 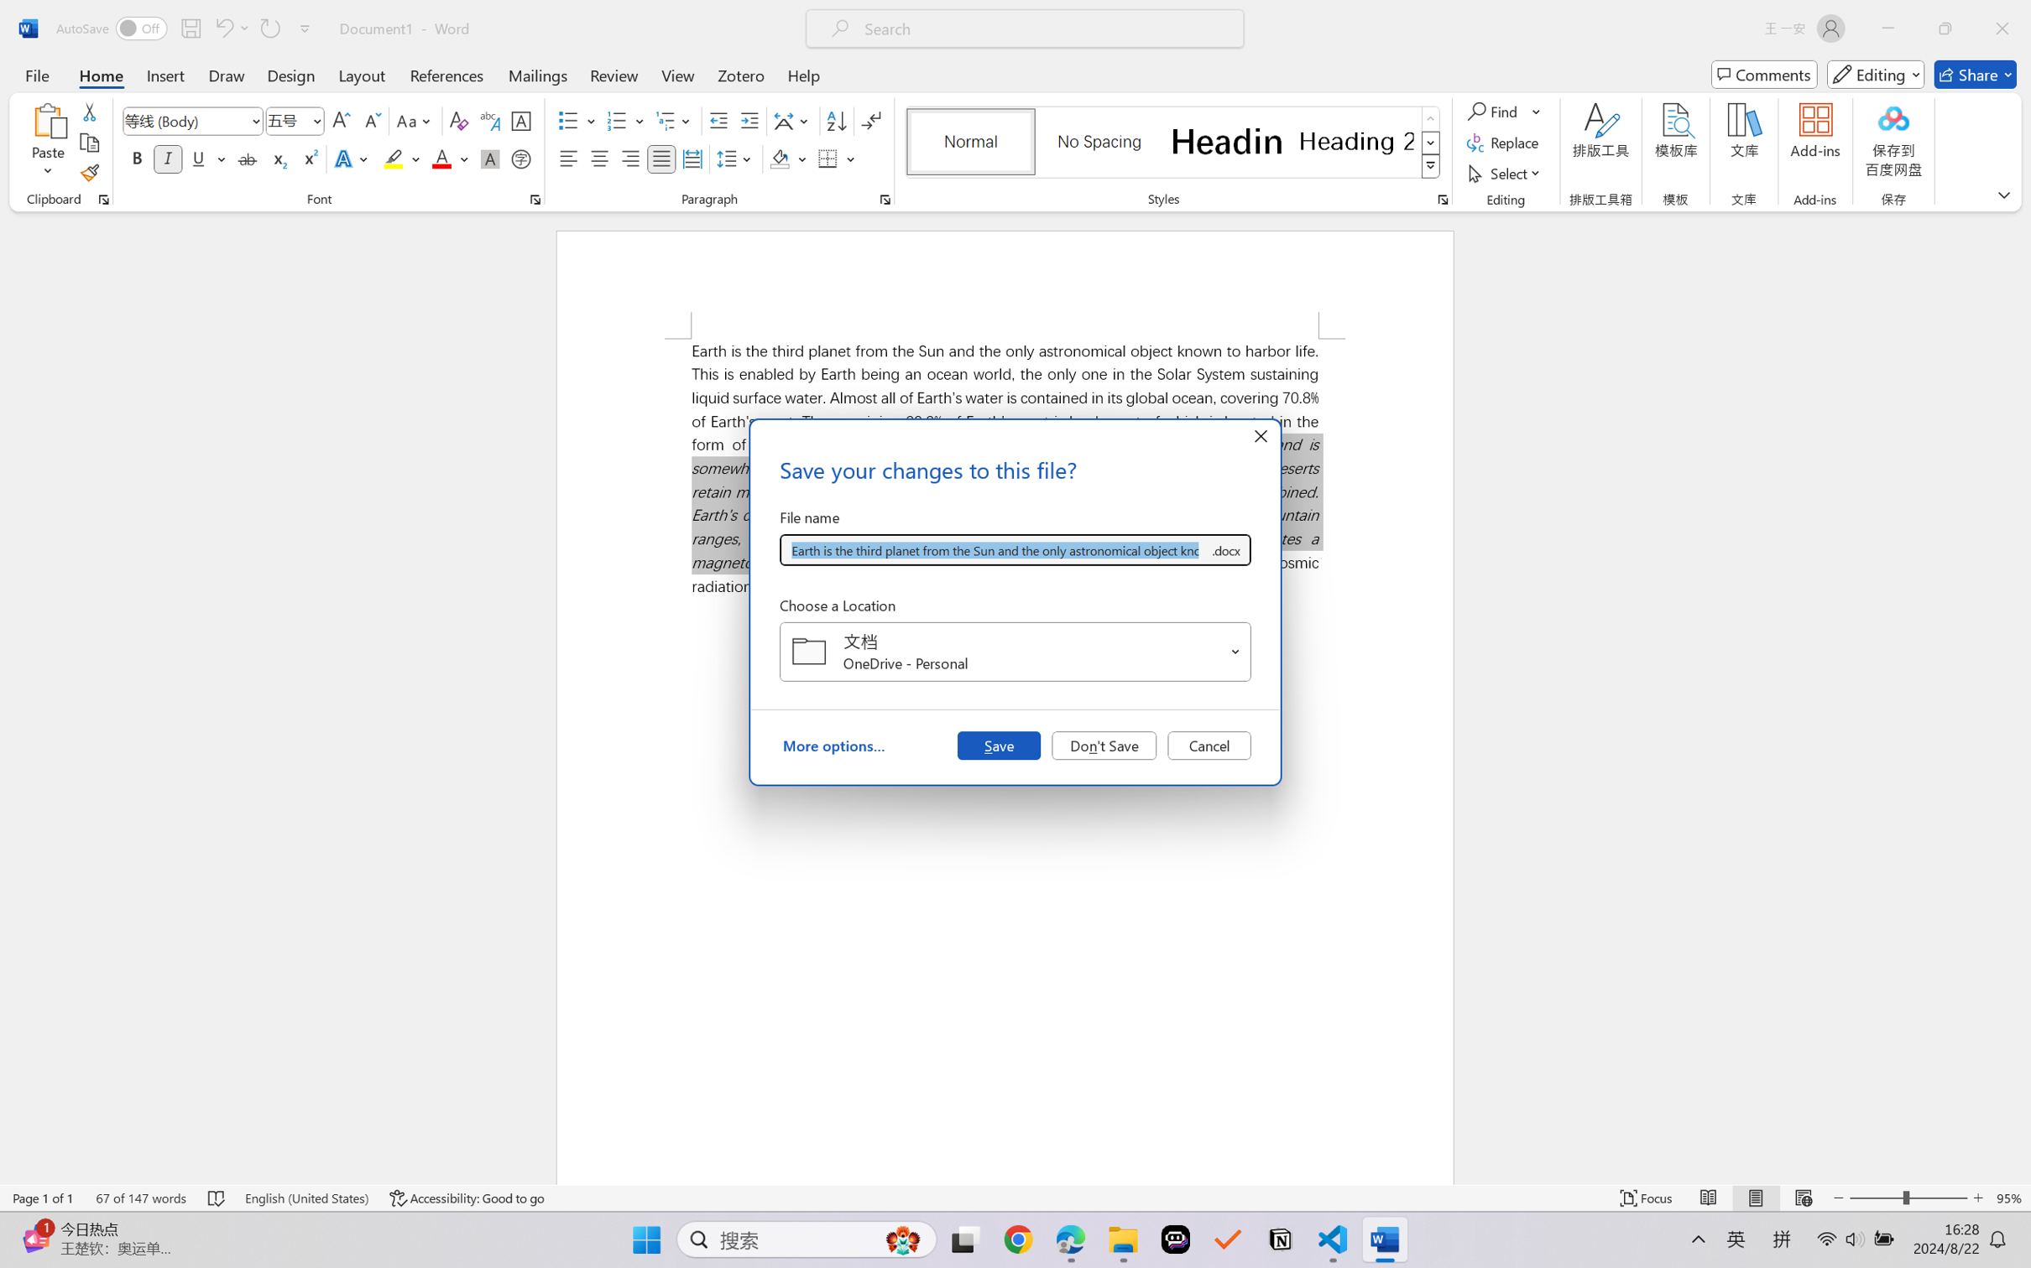 What do you see at coordinates (44, 1198) in the screenshot?
I see `'Page Number Page 1 of 1'` at bounding box center [44, 1198].